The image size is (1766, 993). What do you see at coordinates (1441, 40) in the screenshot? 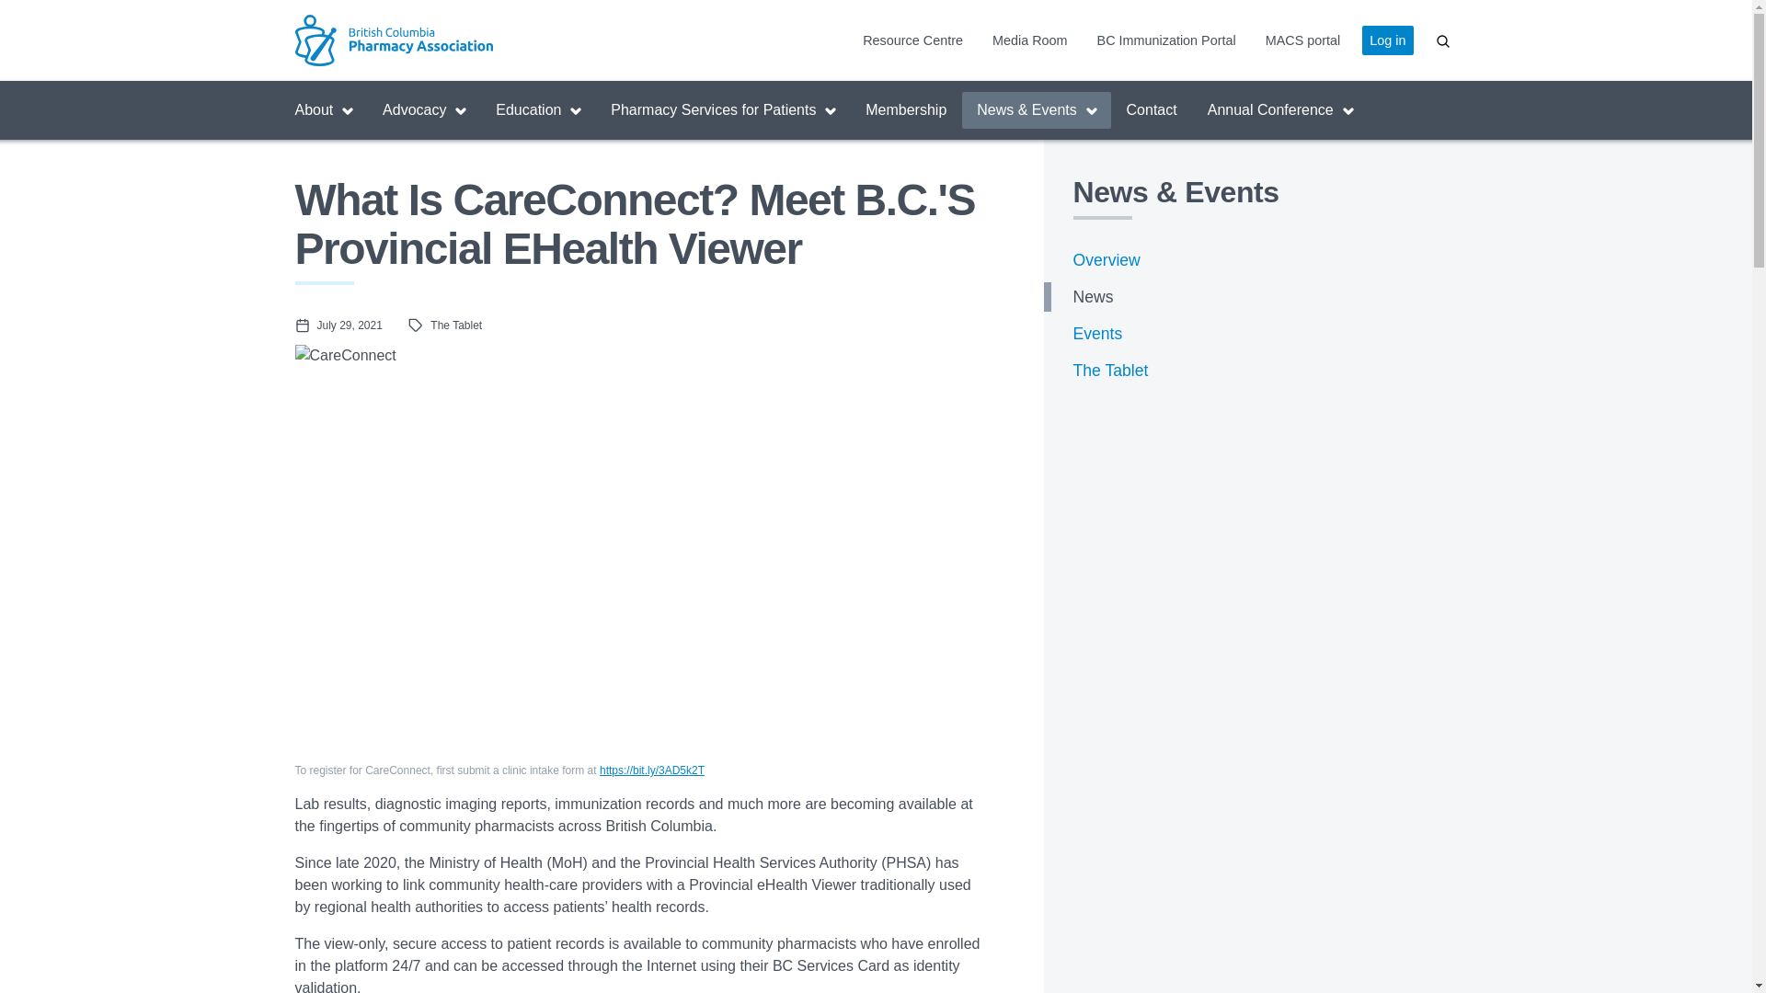
I see `'Open Search'` at bounding box center [1441, 40].